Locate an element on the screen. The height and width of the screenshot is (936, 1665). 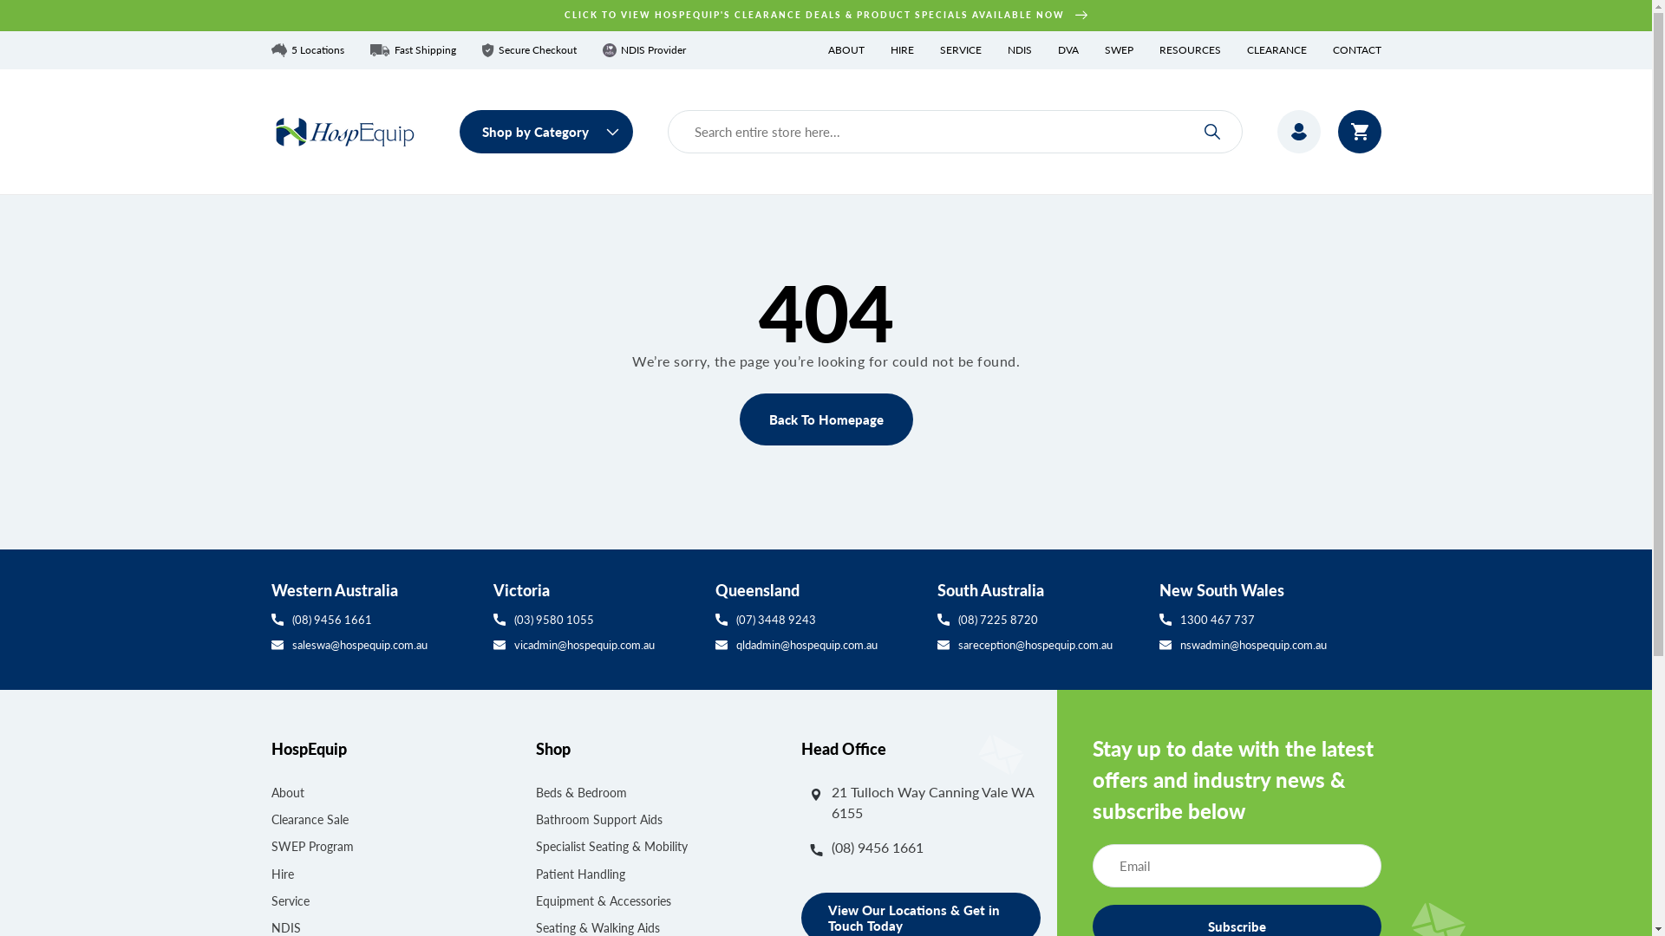
'saleswa@hospequip.com.au' is located at coordinates (270, 645).